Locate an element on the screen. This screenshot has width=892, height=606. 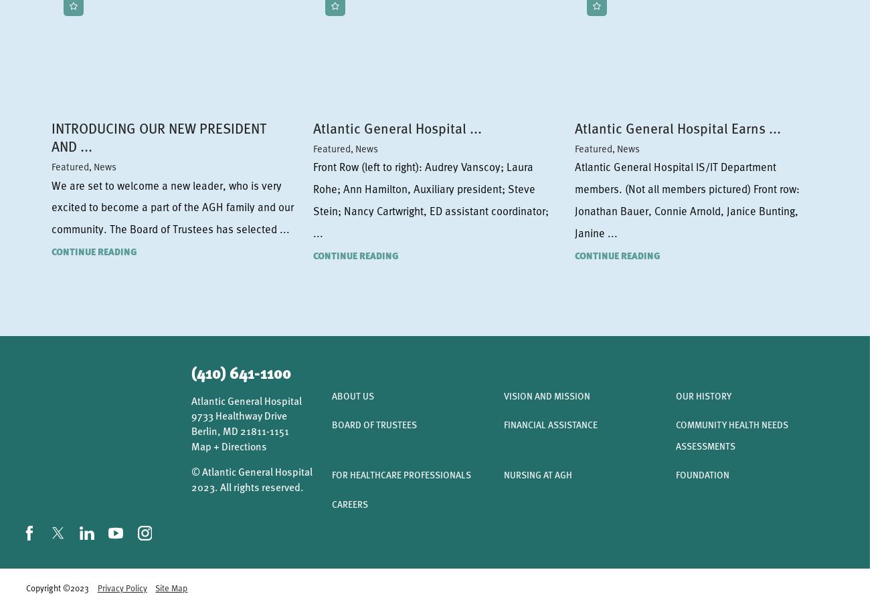
'Atlantic General Hospital IS/IT Department members. (Not all members pictured) Front row: Jonathan Bauer, Connie Arnold, Janice Bunting, Janine ...' is located at coordinates (687, 199).